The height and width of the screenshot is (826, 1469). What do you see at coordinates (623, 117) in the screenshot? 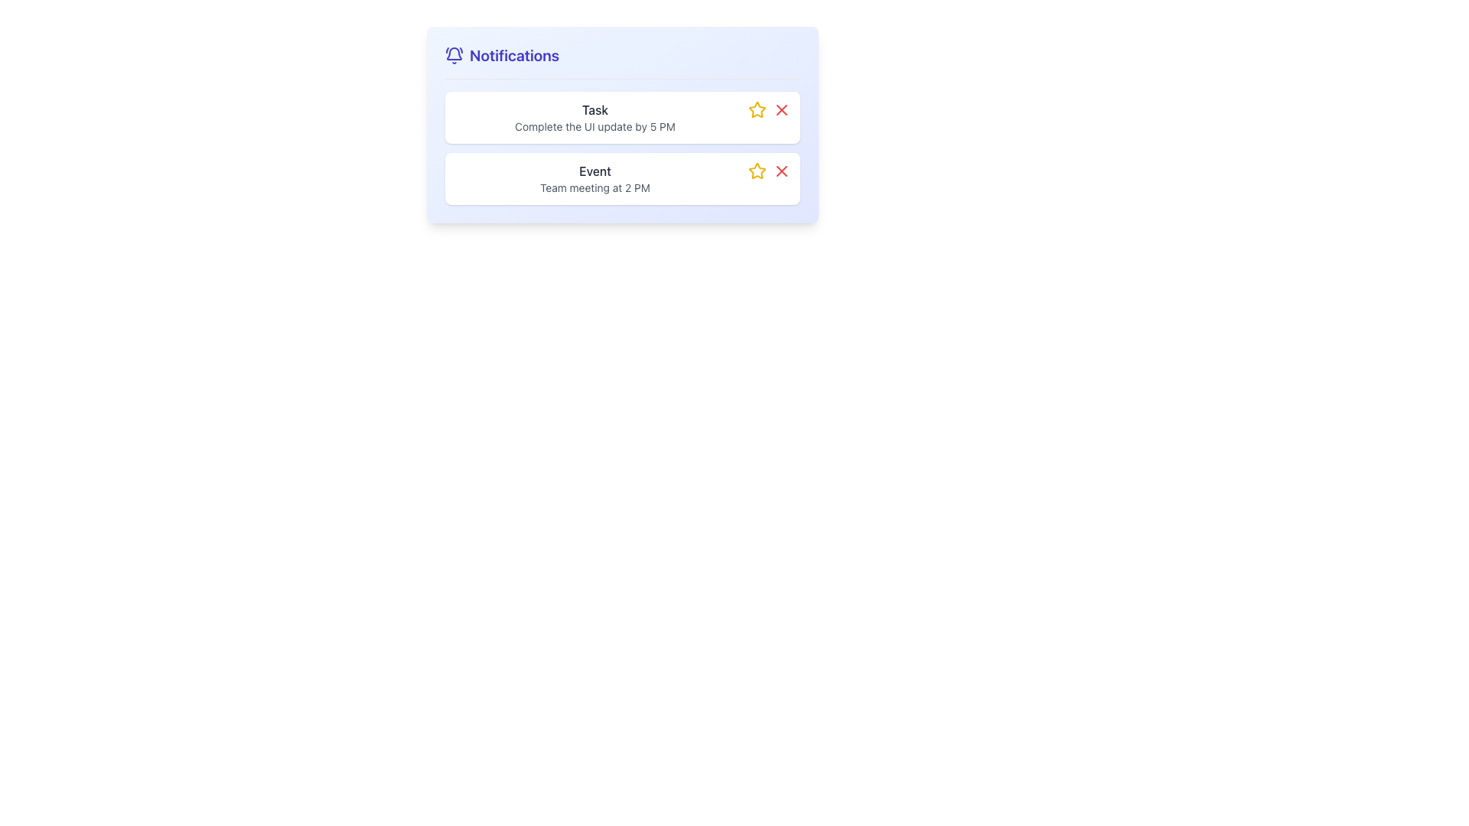
I see `the 'Task' card which contains the text 'Task' in bold and 'Complete the UI update by 5 PM'` at bounding box center [623, 117].